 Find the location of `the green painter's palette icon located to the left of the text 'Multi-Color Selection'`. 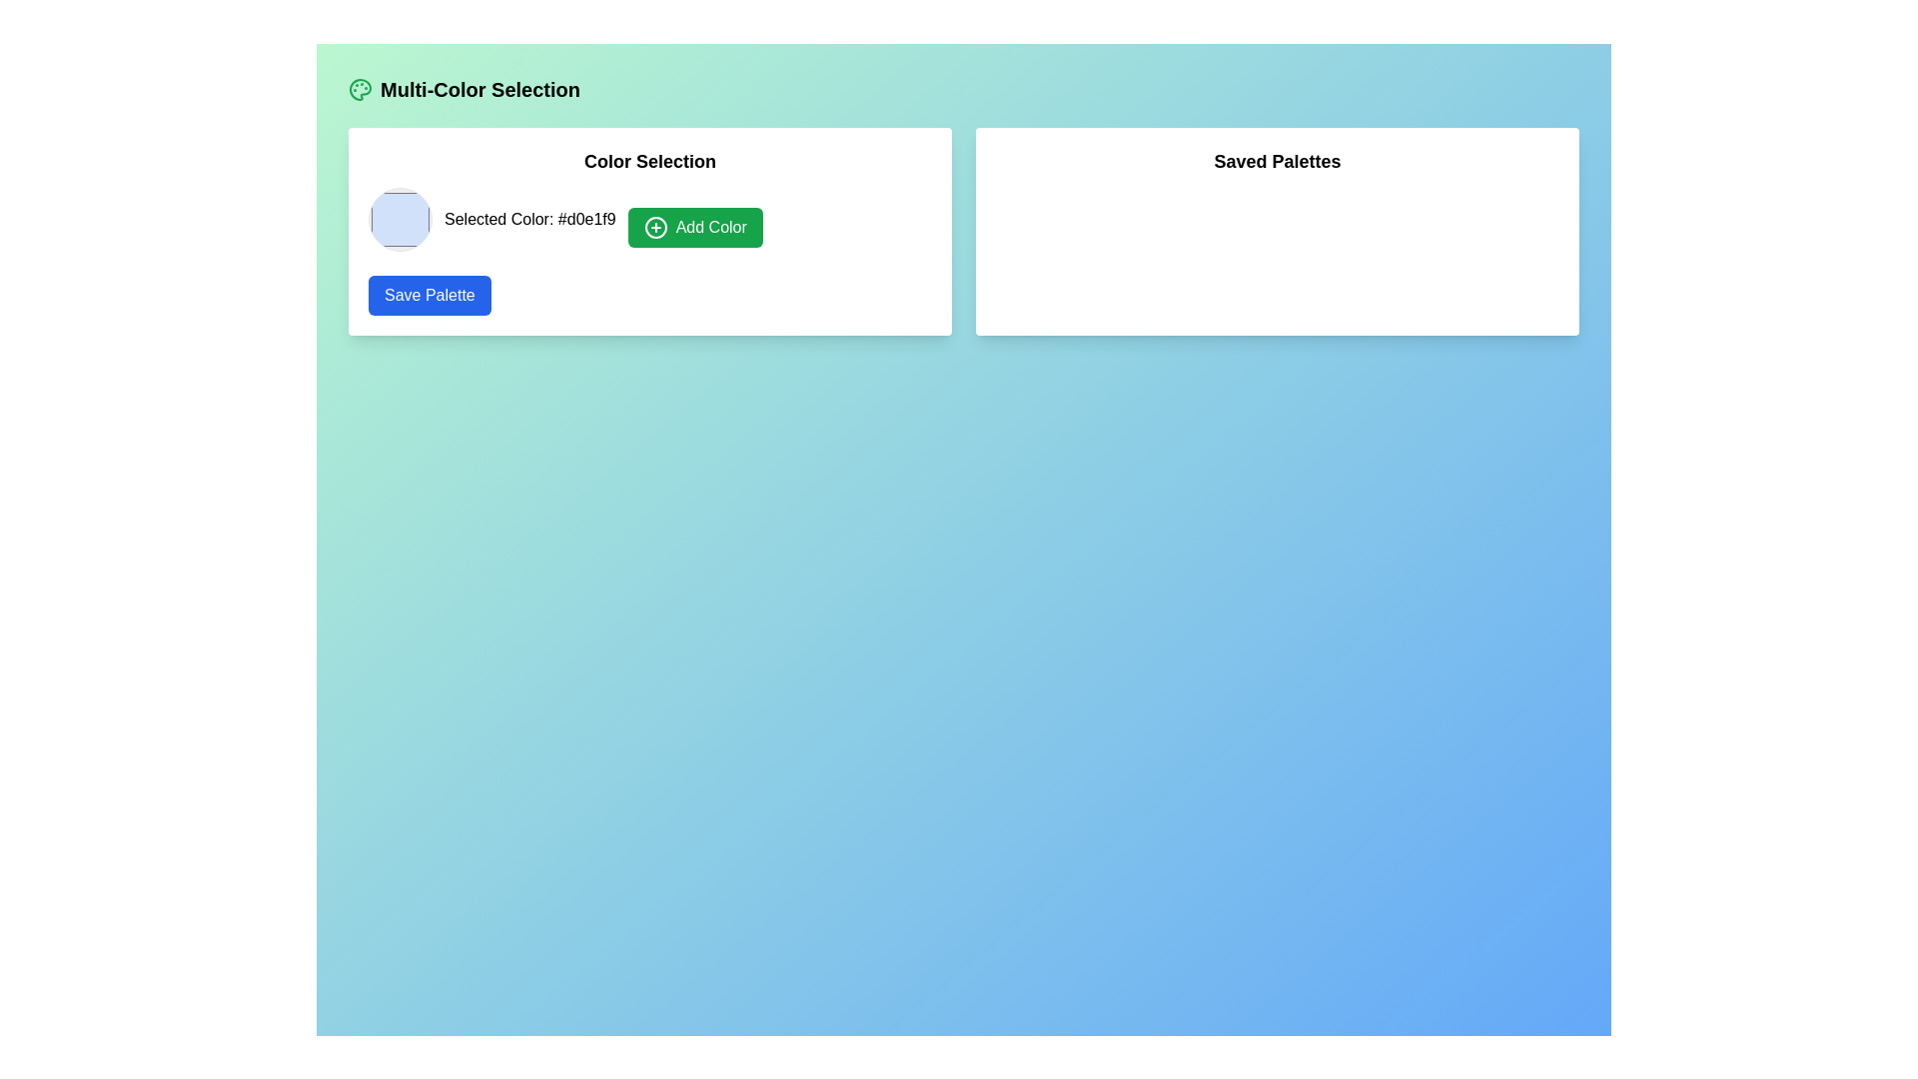

the green painter's palette icon located to the left of the text 'Multi-Color Selection' is located at coordinates (360, 88).